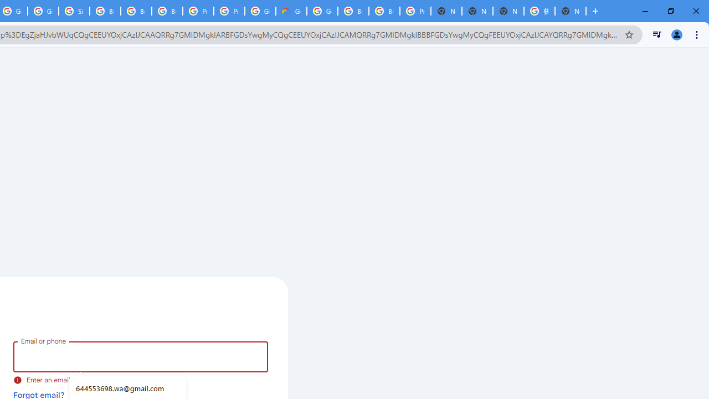 The height and width of the screenshot is (399, 709). I want to click on 'Browse Chrome as a guest - Computer - Google Chrome Help', so click(353, 11).